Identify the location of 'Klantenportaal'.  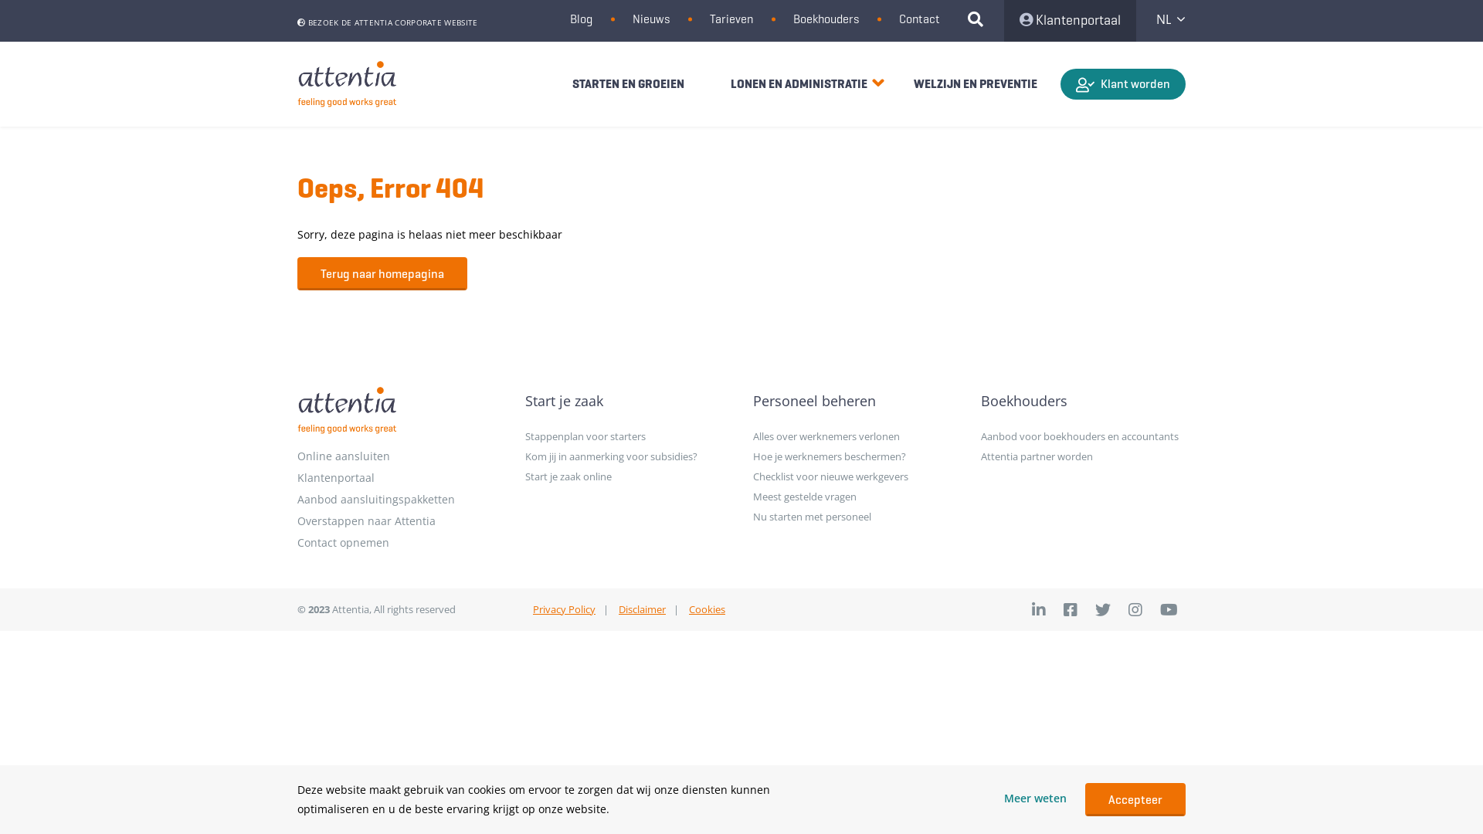
(1004, 21).